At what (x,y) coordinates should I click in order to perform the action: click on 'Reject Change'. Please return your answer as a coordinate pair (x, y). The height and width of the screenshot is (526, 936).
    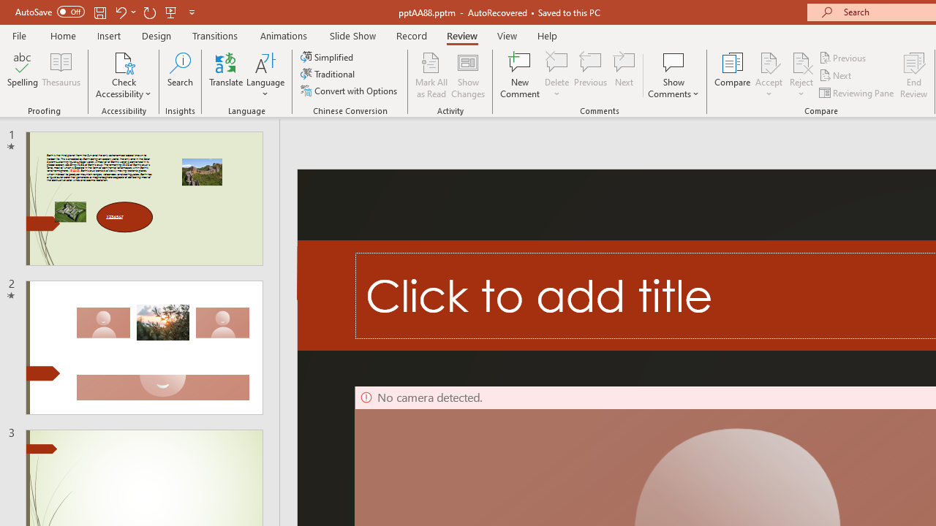
    Looking at the image, I should click on (801, 61).